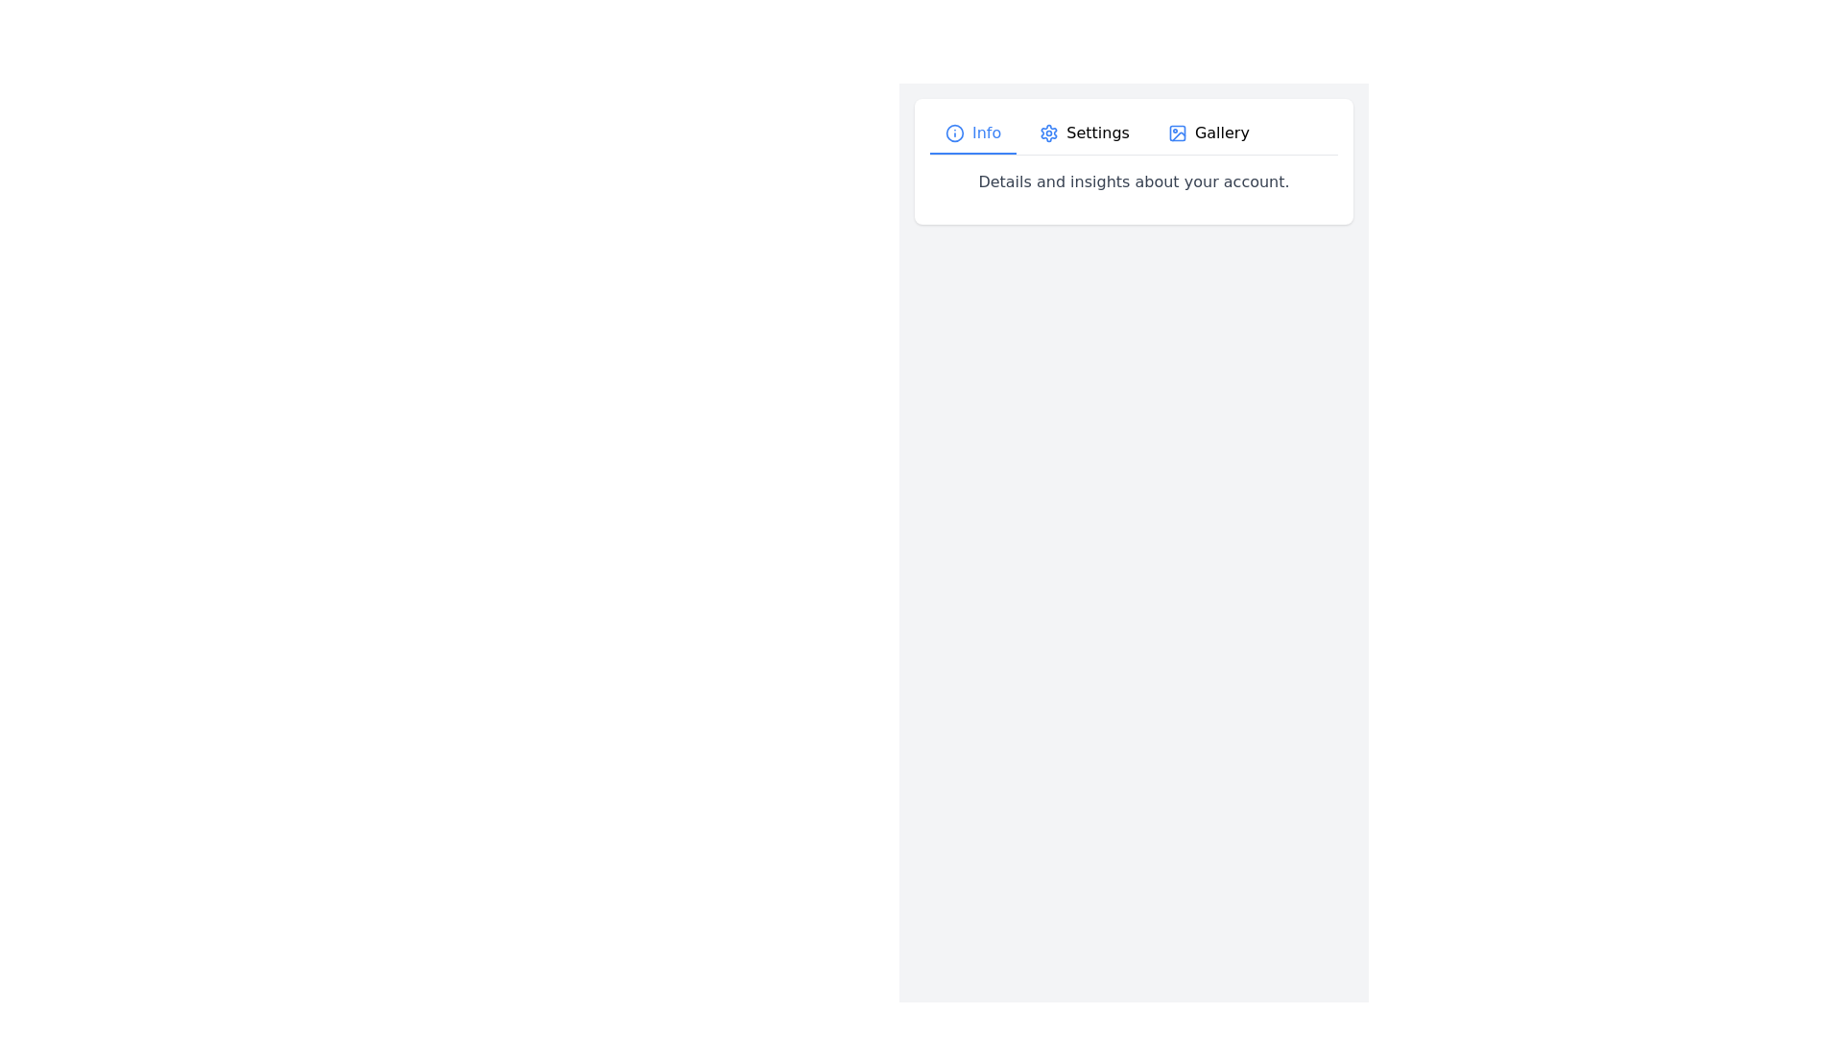 The height and width of the screenshot is (1037, 1843). Describe the element at coordinates (1048, 132) in the screenshot. I see `the settings icon located in the second tab of the navigation bar, which visually represents settings functionality and is positioned to the left of the text label 'Settings'` at that location.